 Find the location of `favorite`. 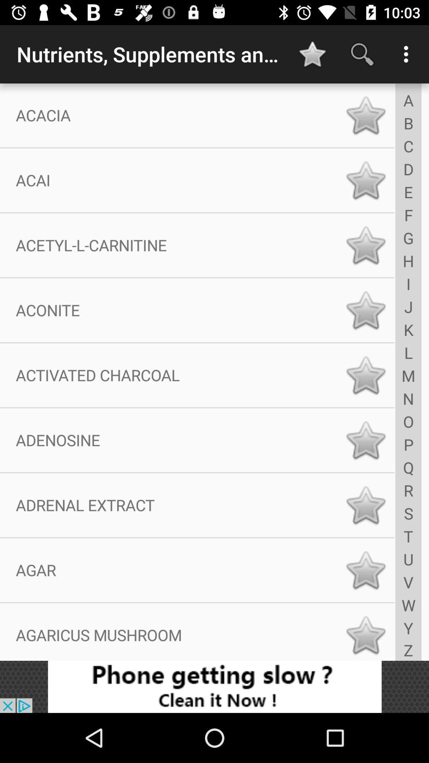

favorite is located at coordinates (365, 569).